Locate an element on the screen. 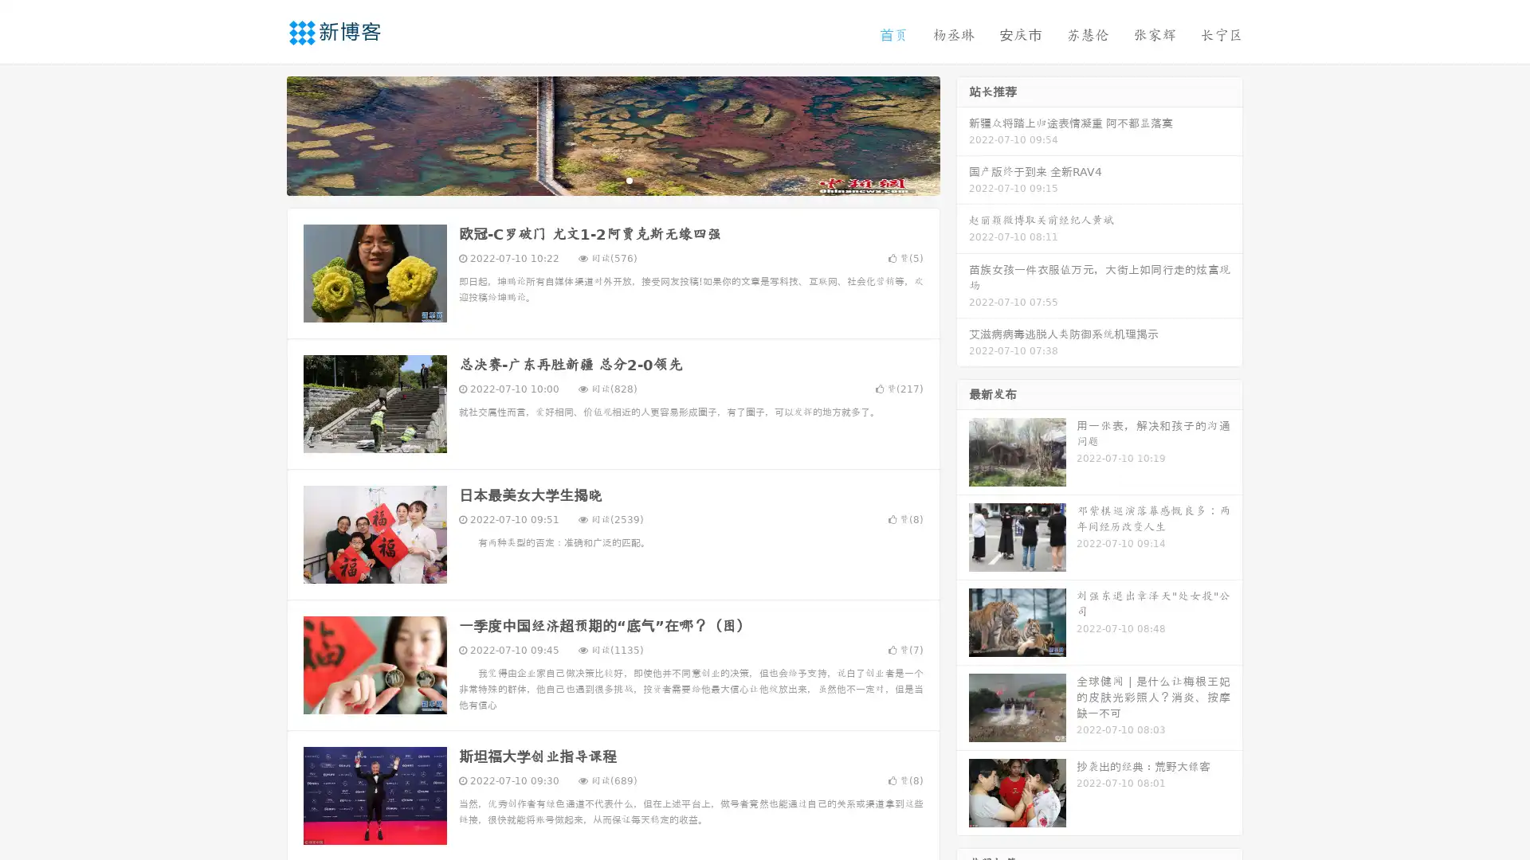  Go to slide 2 is located at coordinates (612, 179).